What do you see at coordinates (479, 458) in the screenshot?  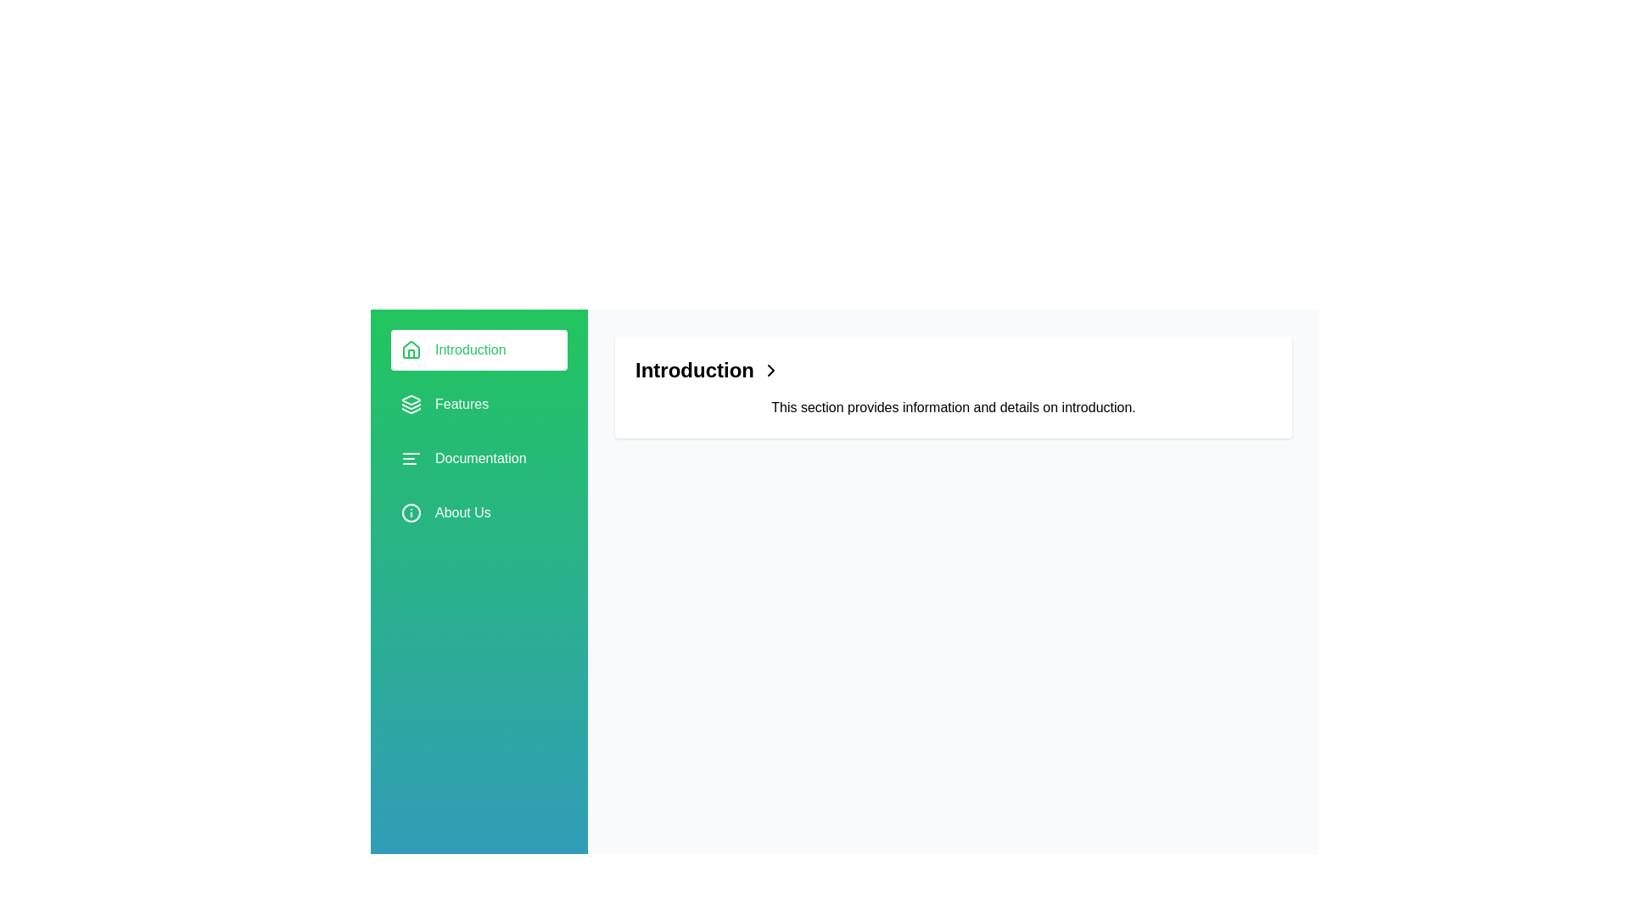 I see `the 'Documentation' text element in the sidebar menu` at bounding box center [479, 458].